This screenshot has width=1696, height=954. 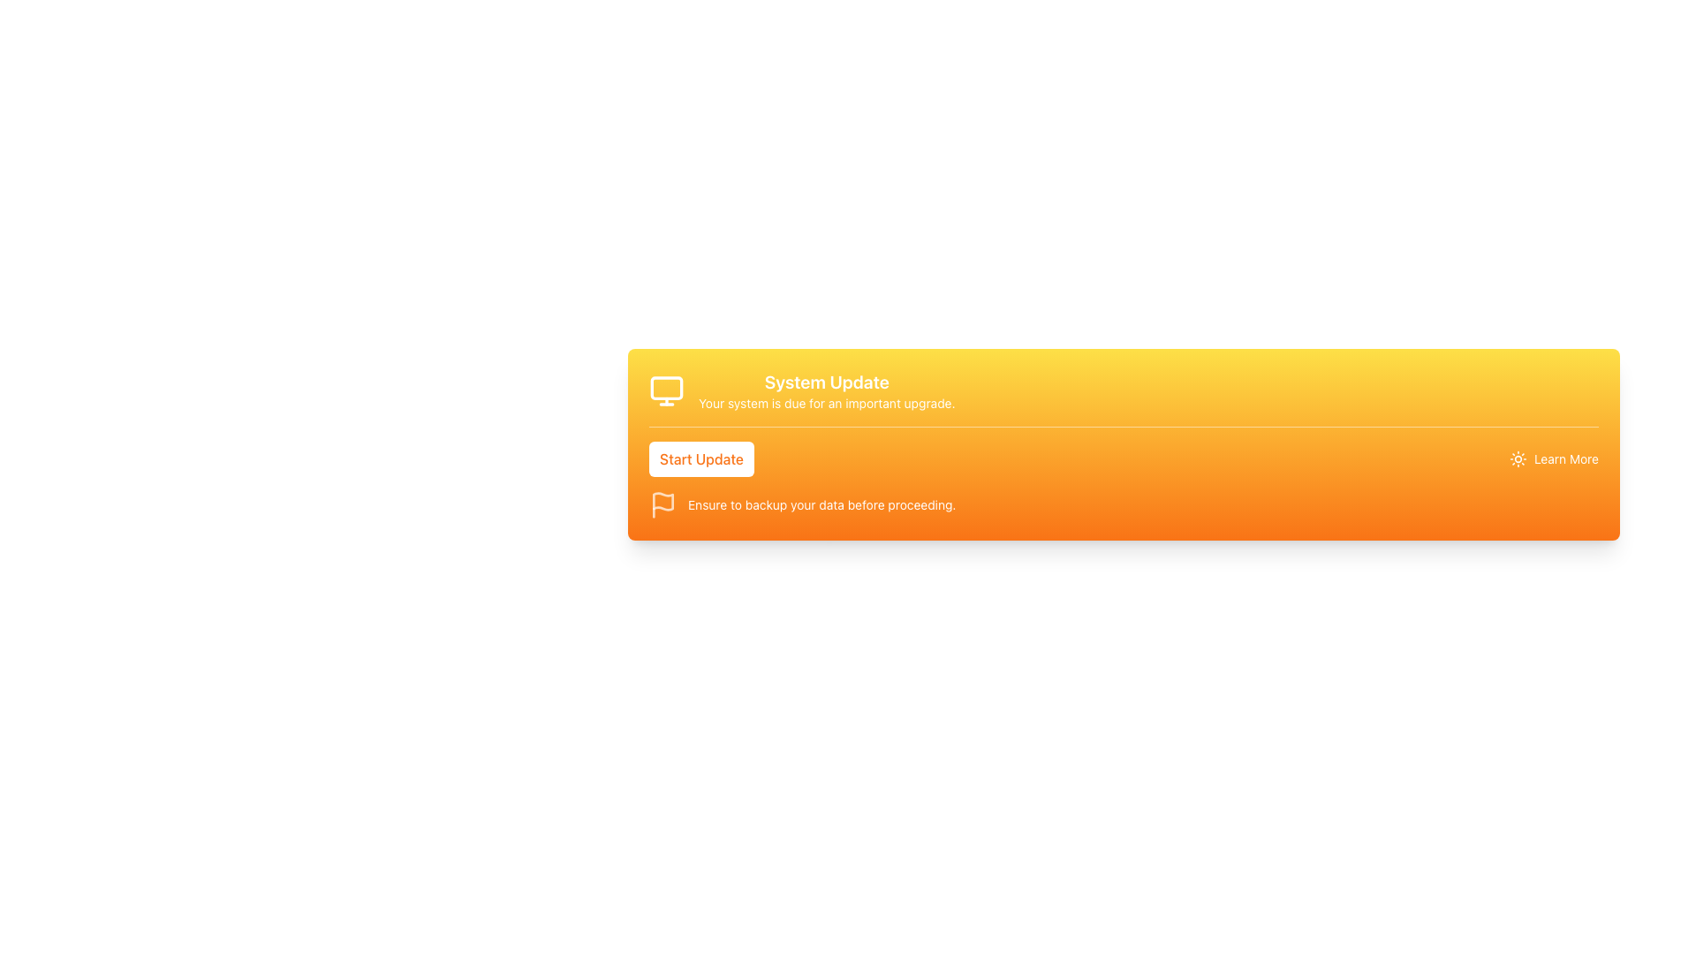 I want to click on 'System Update' heading text displayed in a large bold font against a yellow to orange gradient background, positioned at the top of the block above the descriptive text, so click(x=826, y=381).